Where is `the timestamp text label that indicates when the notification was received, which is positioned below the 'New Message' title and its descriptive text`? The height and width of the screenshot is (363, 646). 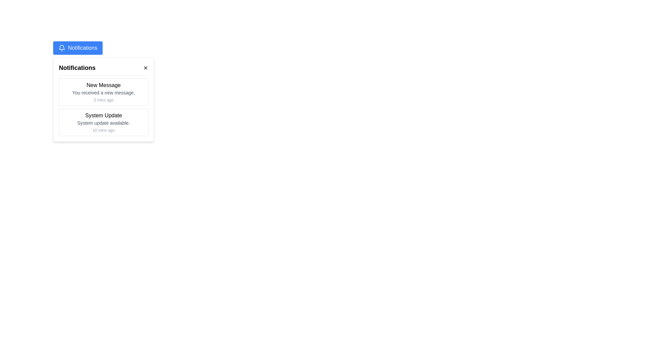
the timestamp text label that indicates when the notification was received, which is positioned below the 'New Message' title and its descriptive text is located at coordinates (103, 100).